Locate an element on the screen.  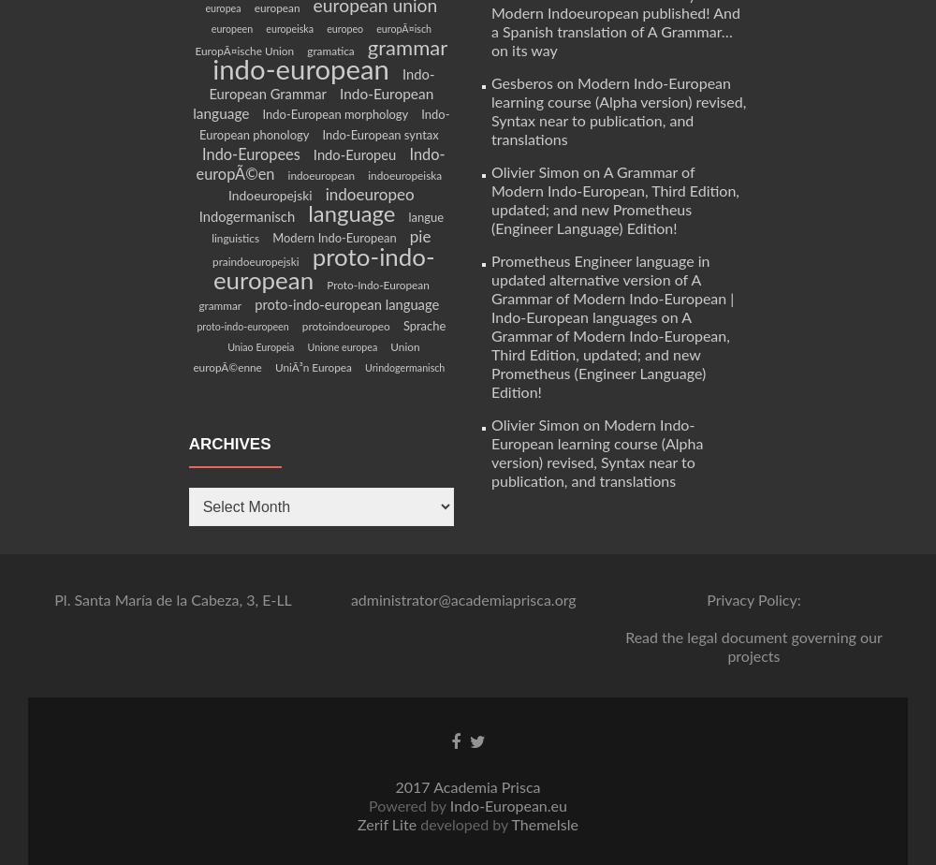
'europea' is located at coordinates (222, 7).